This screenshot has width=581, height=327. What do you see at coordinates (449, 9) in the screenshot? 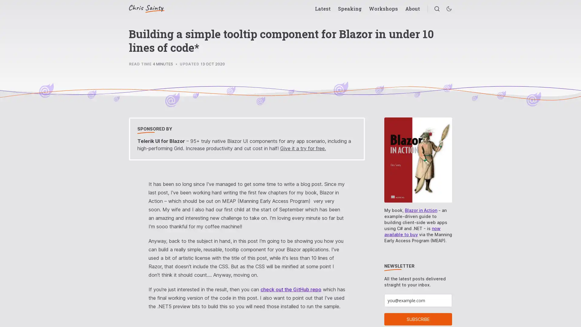
I see `Enable dark mode` at bounding box center [449, 9].